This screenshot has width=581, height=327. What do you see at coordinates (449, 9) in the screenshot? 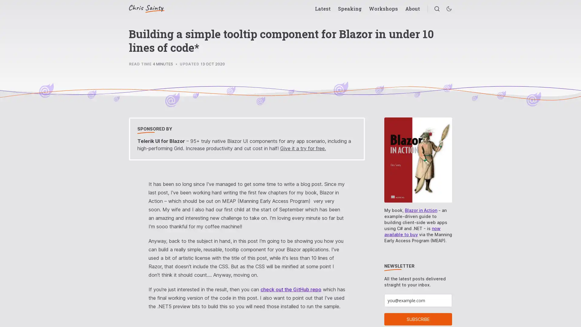
I see `Enable dark mode` at bounding box center [449, 9].